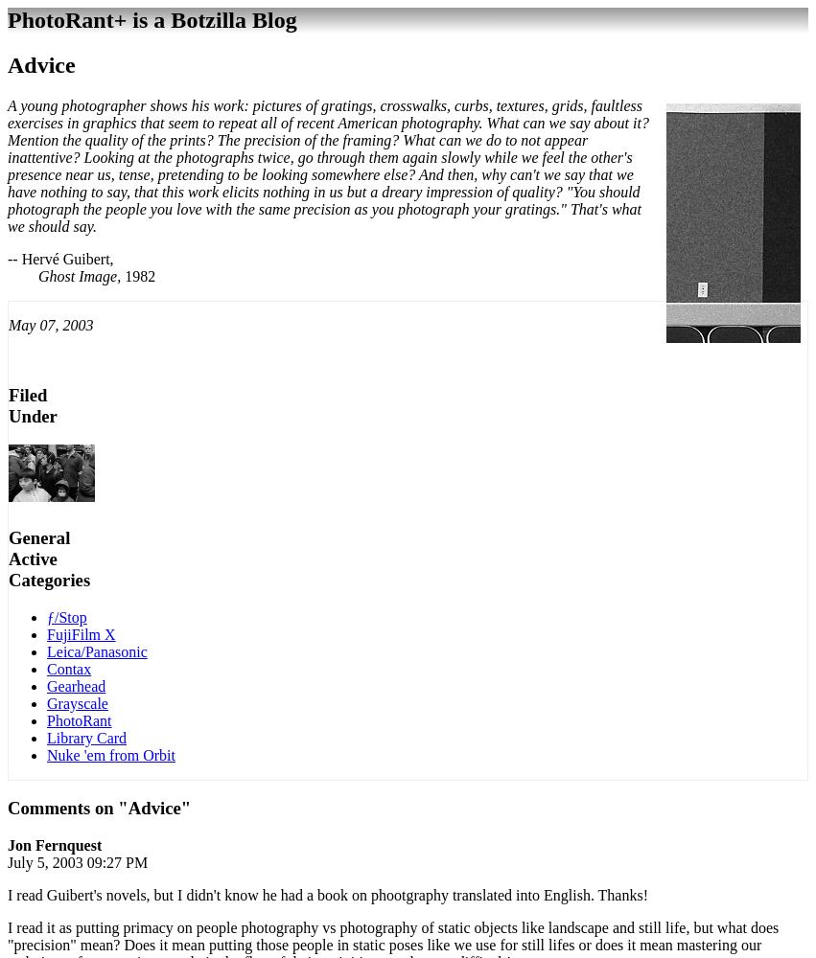  Describe the element at coordinates (55, 845) in the screenshot. I see `'Jon Fernquest'` at that location.